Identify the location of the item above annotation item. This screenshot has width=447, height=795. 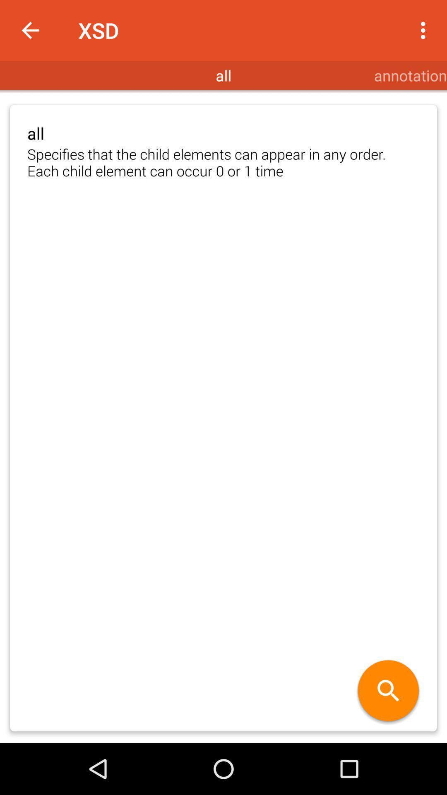
(425, 30).